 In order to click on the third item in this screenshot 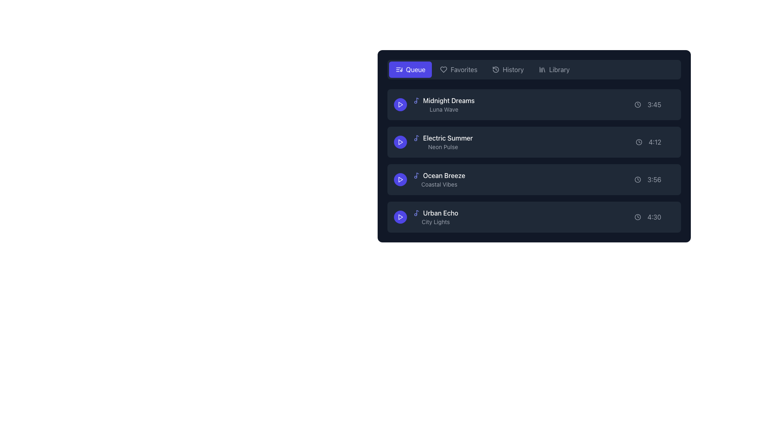, I will do `click(534, 161)`.